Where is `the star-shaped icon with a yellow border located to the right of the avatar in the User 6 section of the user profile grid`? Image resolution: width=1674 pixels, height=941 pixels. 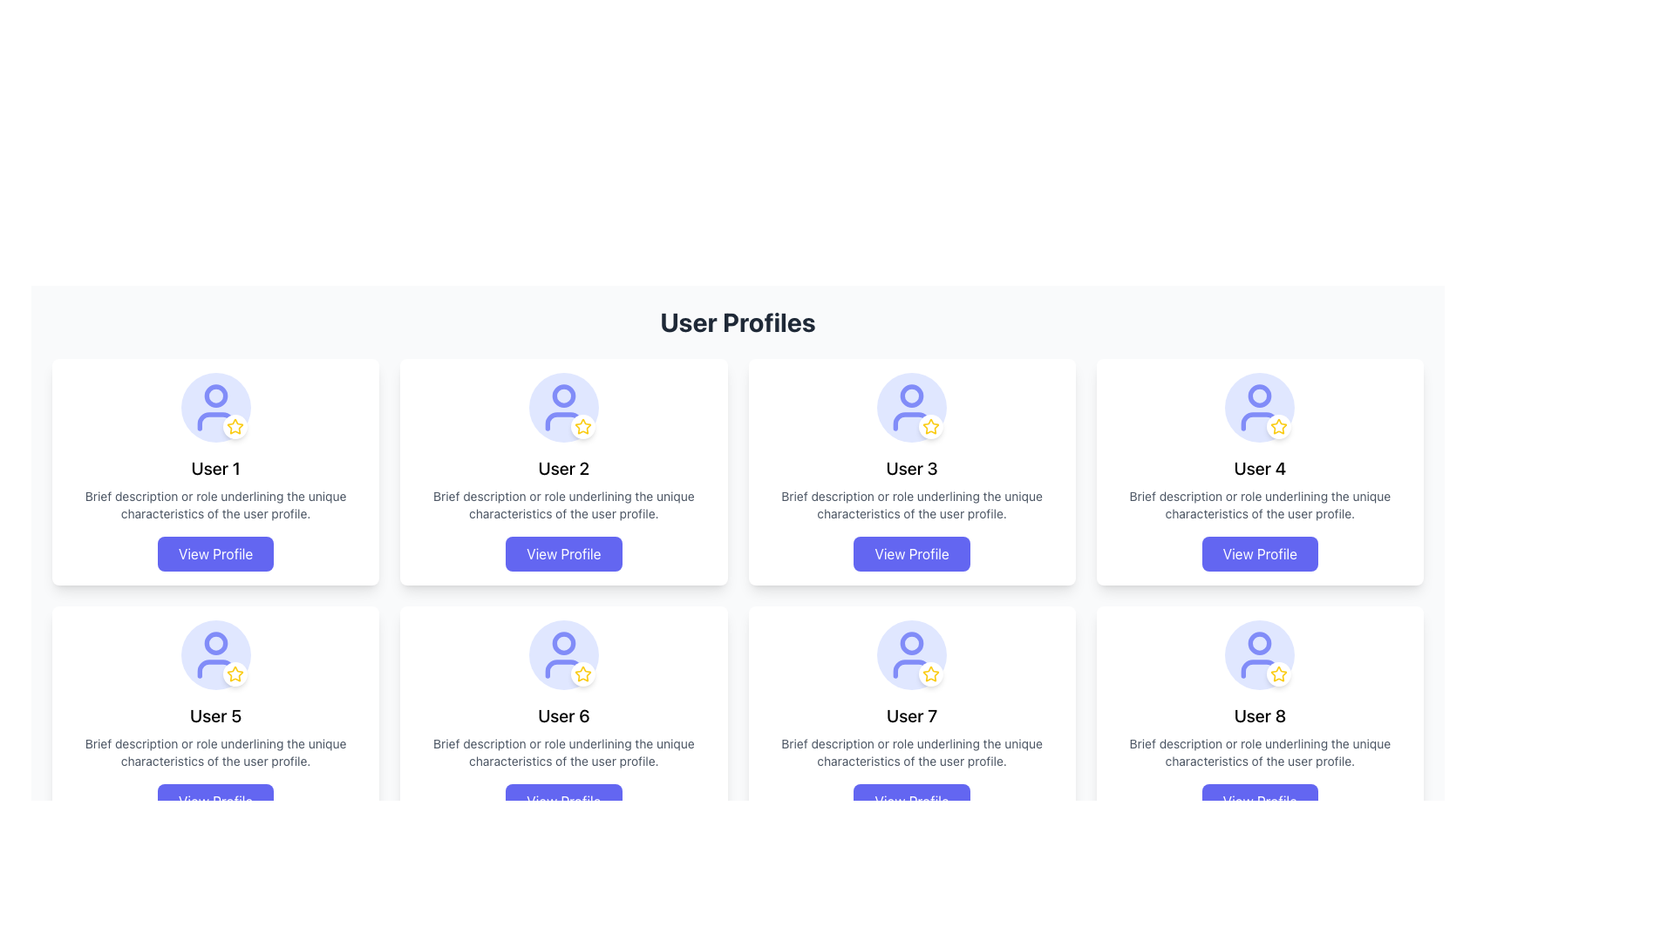
the star-shaped icon with a yellow border located to the right of the avatar in the User 6 section of the user profile grid is located at coordinates (582, 673).